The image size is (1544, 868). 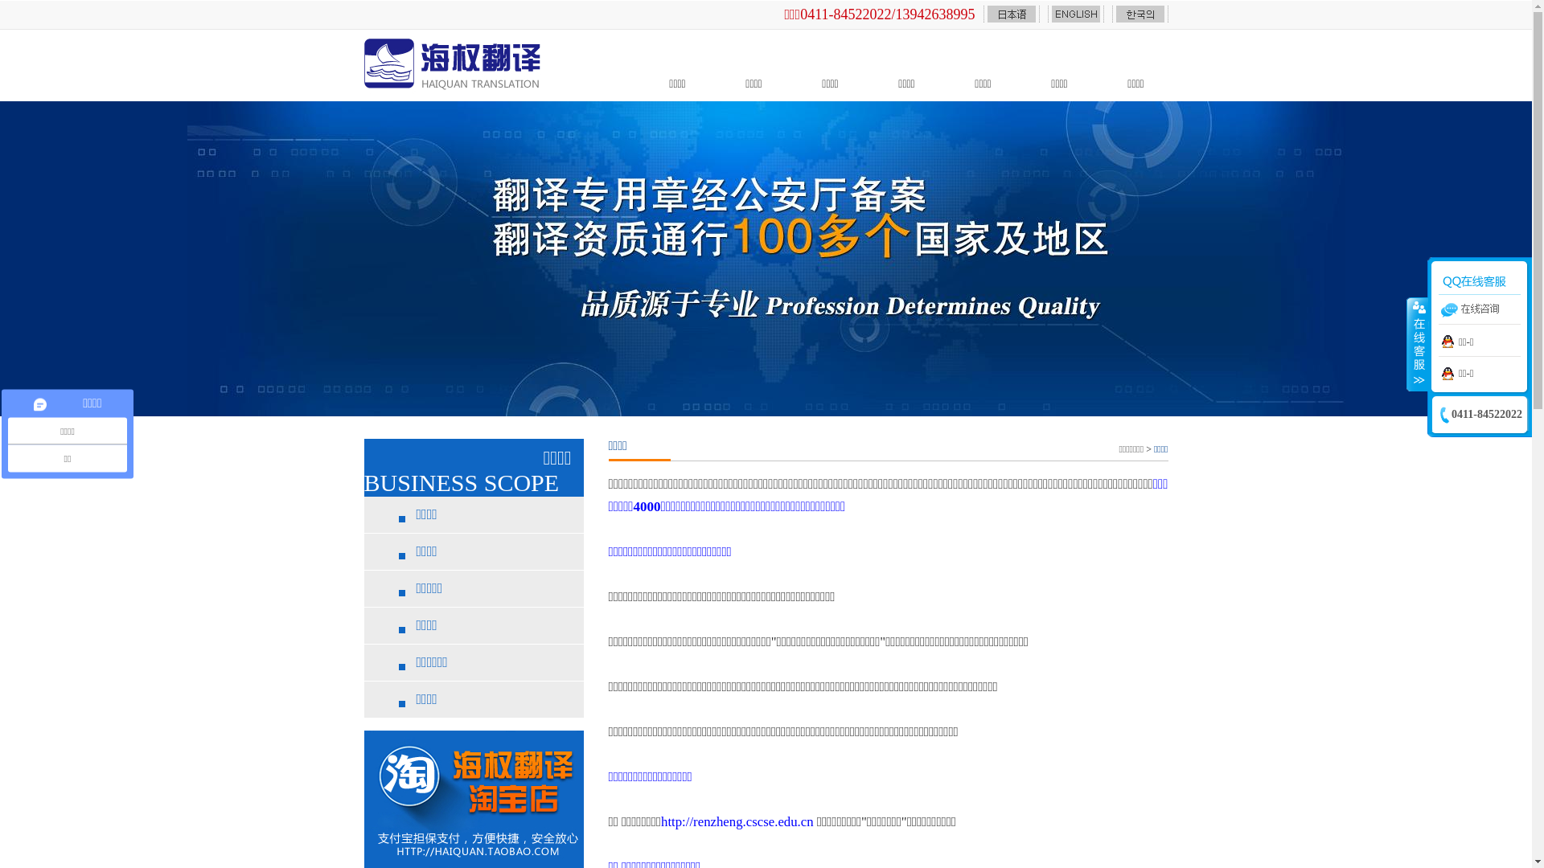 I want to click on 'http://renzheng.cscse.edu.cn', so click(x=736, y=821).